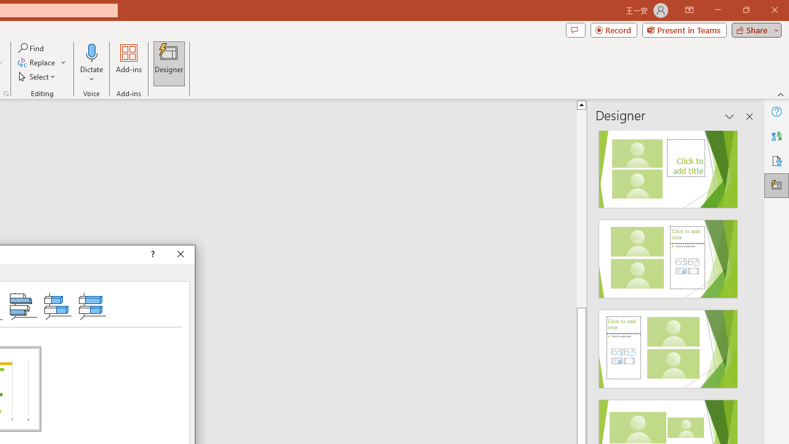 Image resolution: width=789 pixels, height=444 pixels. What do you see at coordinates (151, 253) in the screenshot?
I see `'Context help'` at bounding box center [151, 253].